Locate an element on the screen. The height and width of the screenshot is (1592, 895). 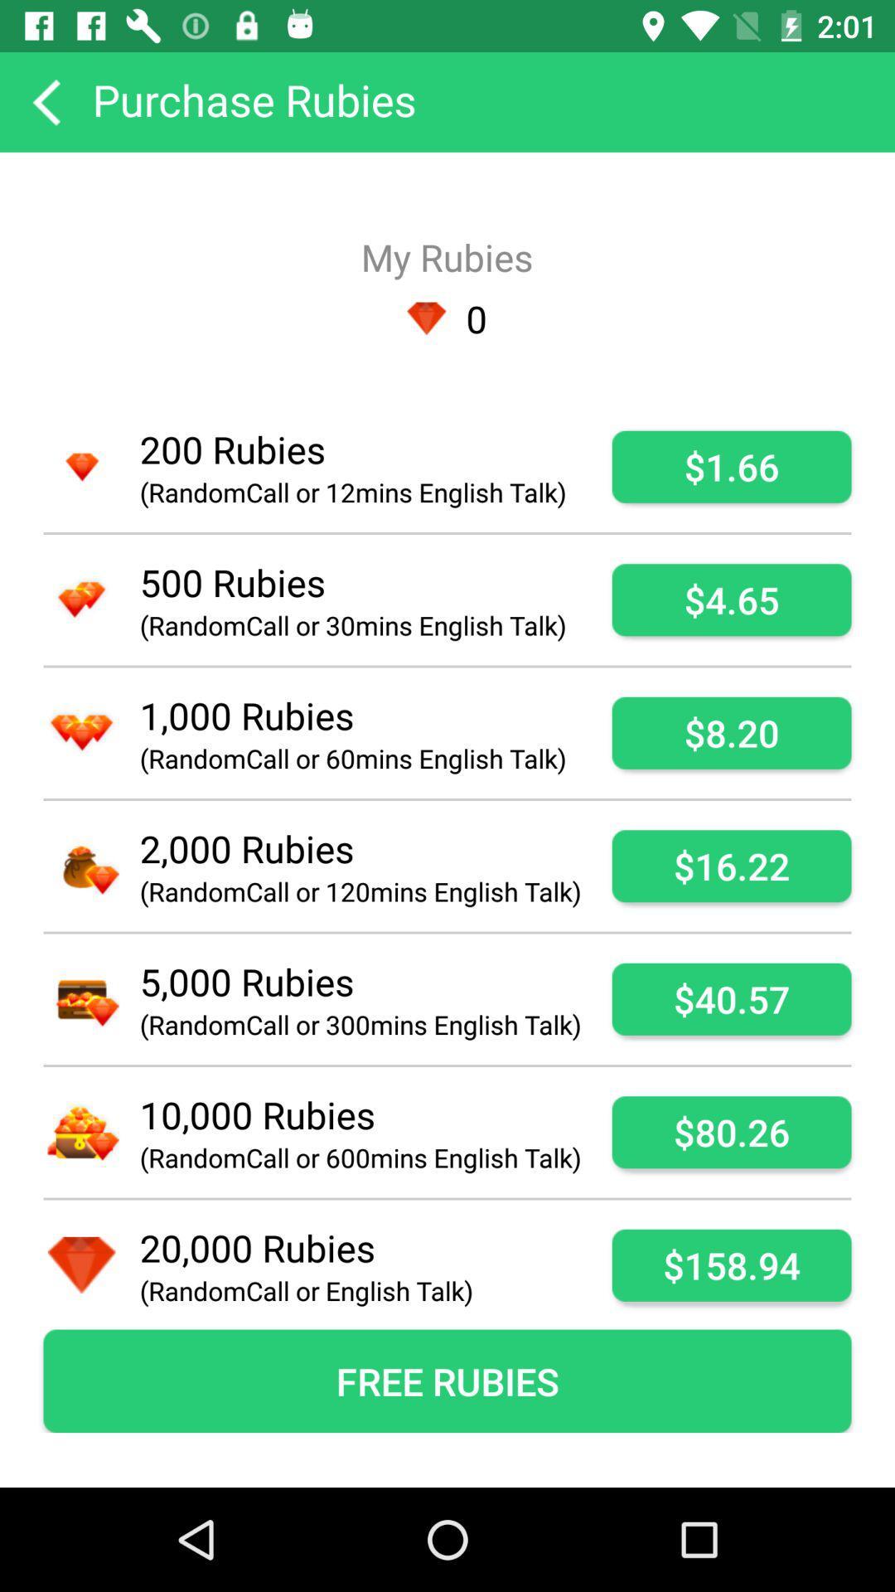
$80.26 item is located at coordinates (731, 1131).